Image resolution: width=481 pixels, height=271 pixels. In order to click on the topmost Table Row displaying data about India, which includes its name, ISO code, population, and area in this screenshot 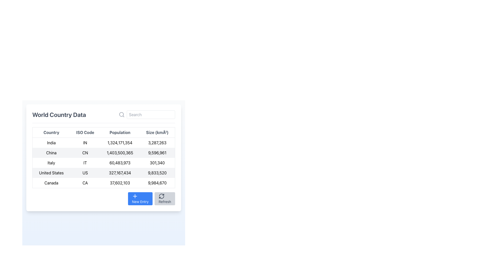, I will do `click(103, 142)`.